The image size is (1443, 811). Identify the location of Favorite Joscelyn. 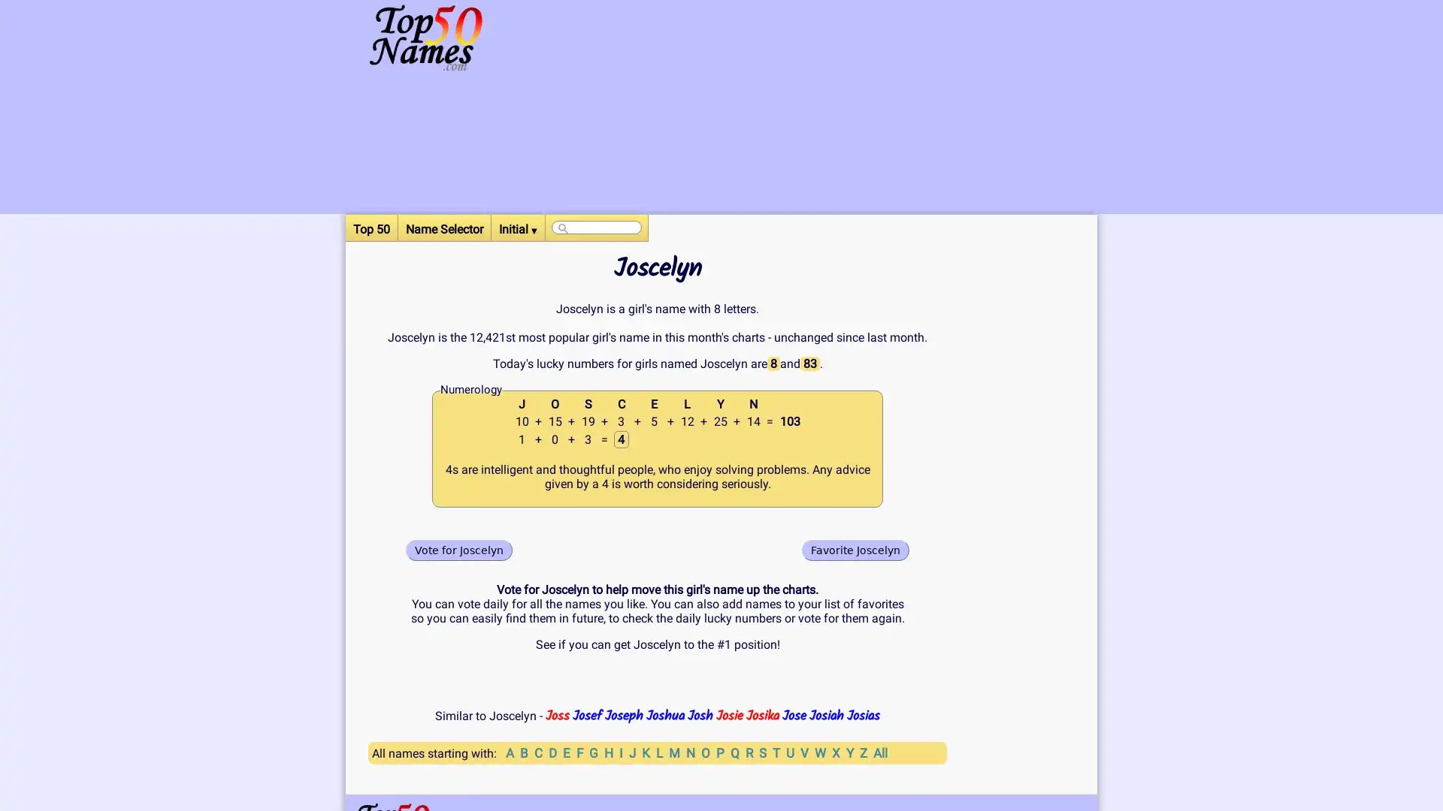
(855, 550).